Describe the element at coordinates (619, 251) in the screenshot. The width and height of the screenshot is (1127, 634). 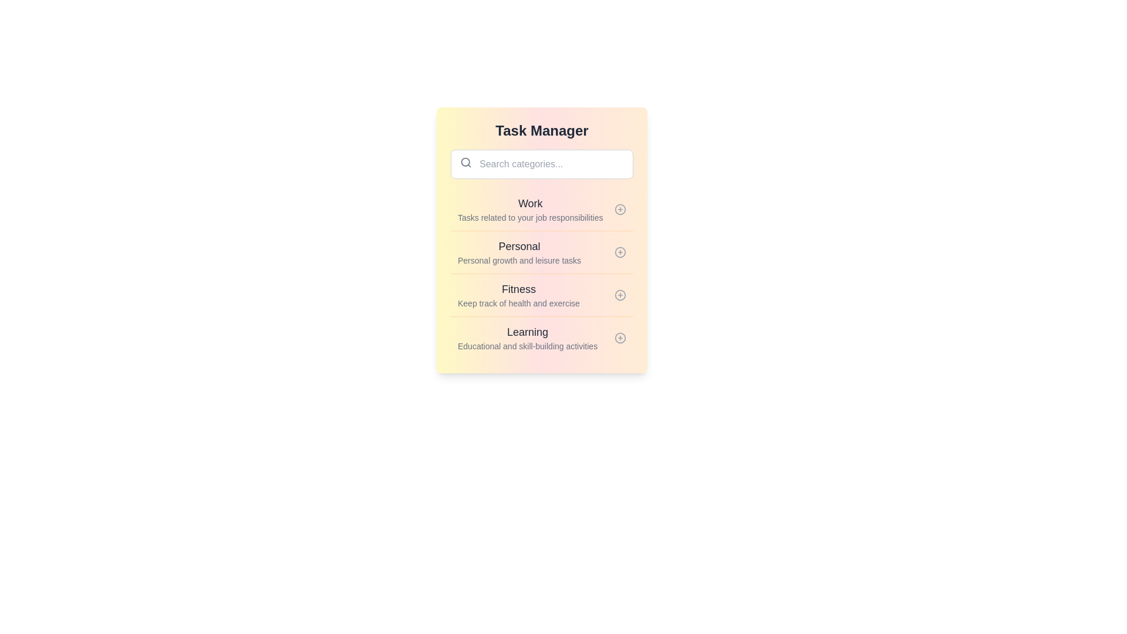
I see `the circular outline icon representing a 'plus' symbol located next to the text 'Personal' in the second row of the 'Task Manager' list` at that location.